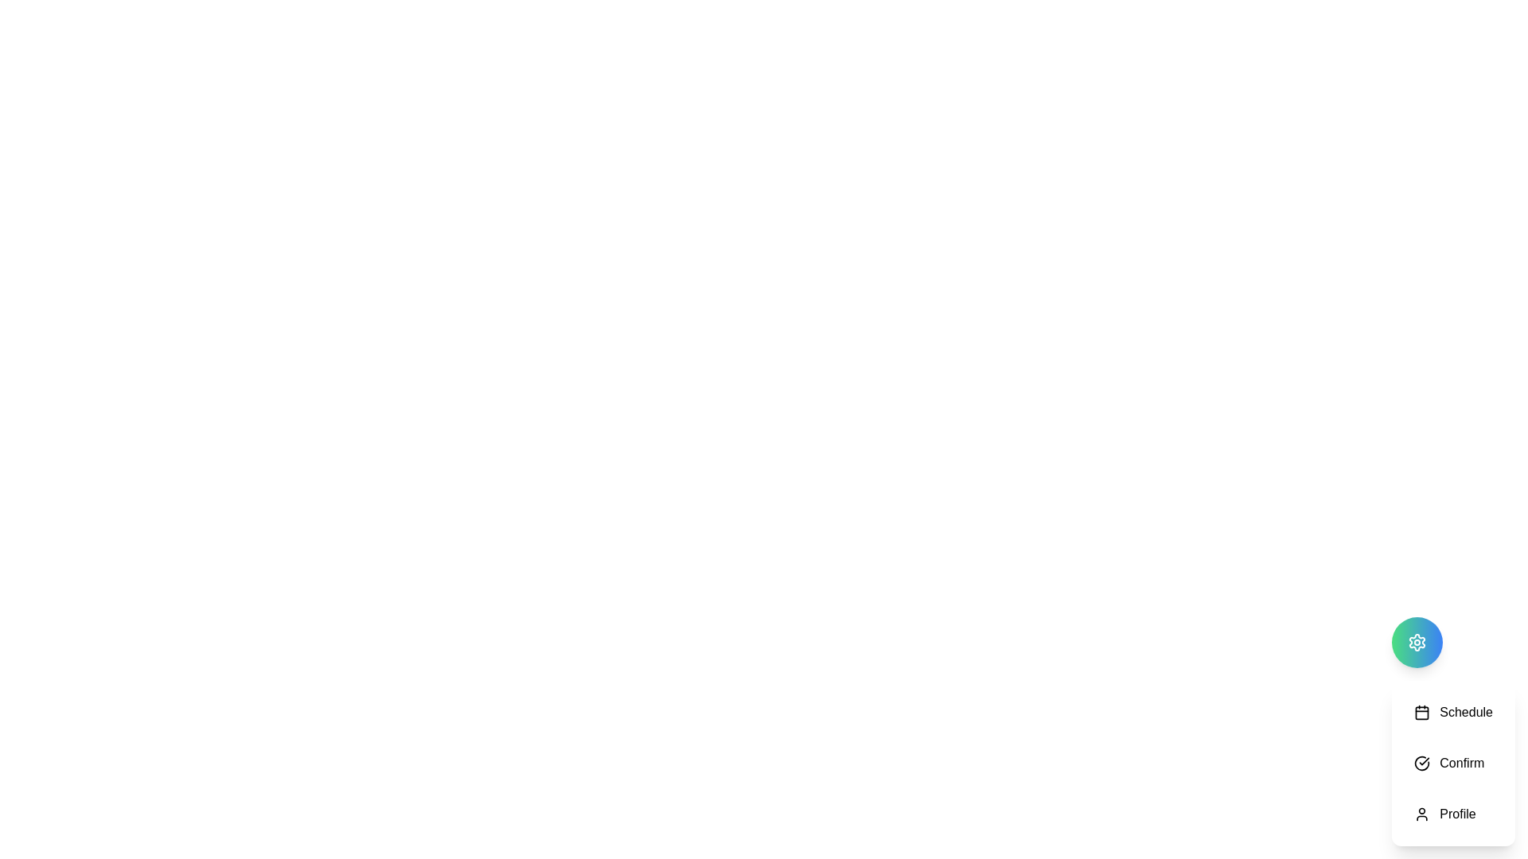 This screenshot has height=859, width=1528. I want to click on the Schedule button in the SchedulerTool, so click(1453, 711).